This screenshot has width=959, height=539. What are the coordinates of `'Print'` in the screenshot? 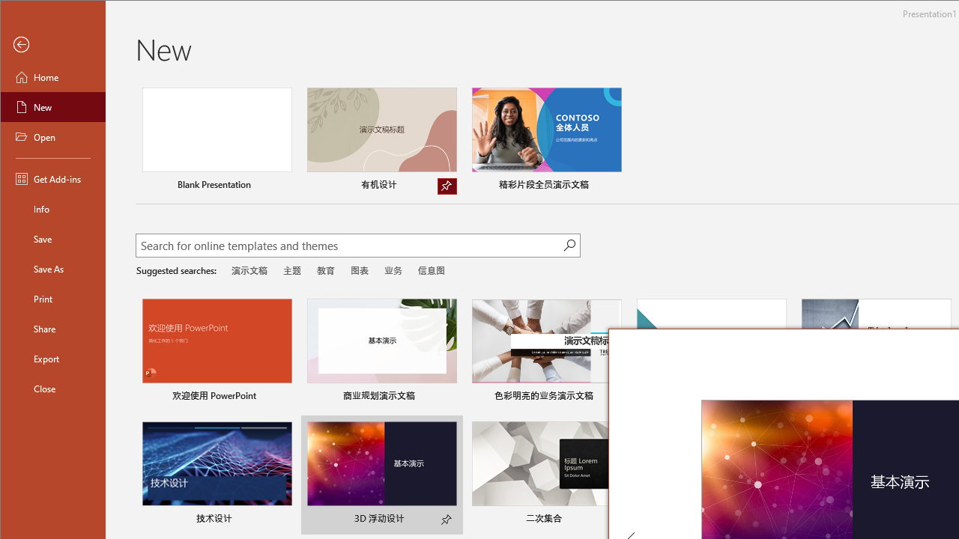 It's located at (53, 298).